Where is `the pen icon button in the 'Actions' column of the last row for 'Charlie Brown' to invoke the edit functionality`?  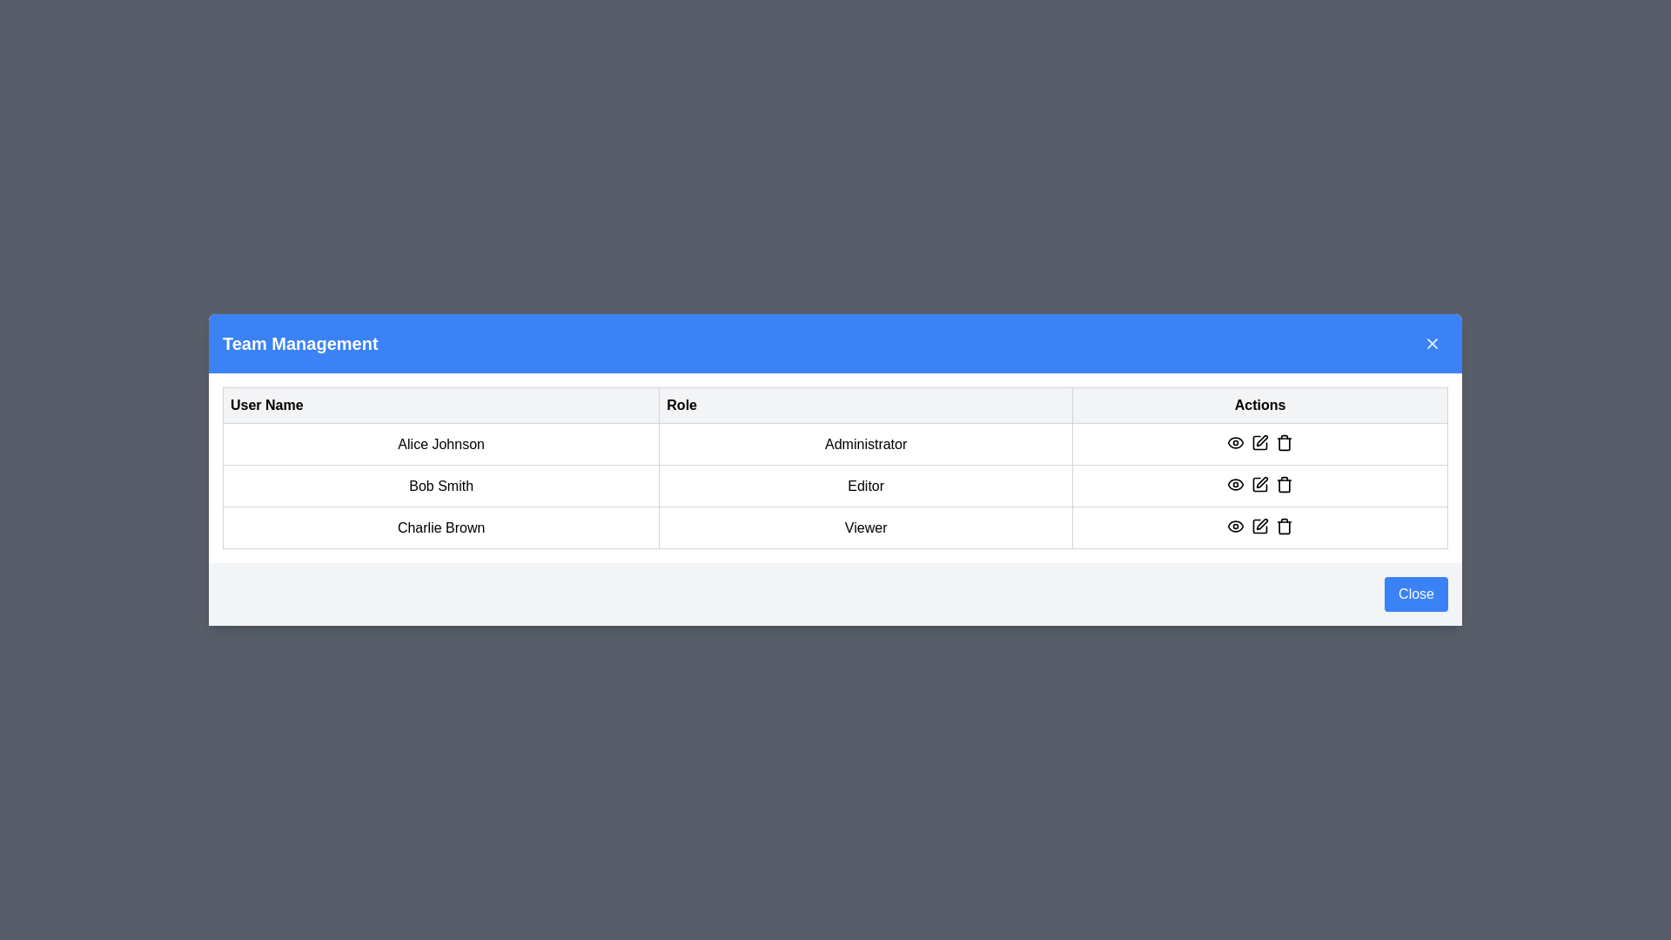
the pen icon button in the 'Actions' column of the last row for 'Charlie Brown' to invoke the edit functionality is located at coordinates (1260, 526).